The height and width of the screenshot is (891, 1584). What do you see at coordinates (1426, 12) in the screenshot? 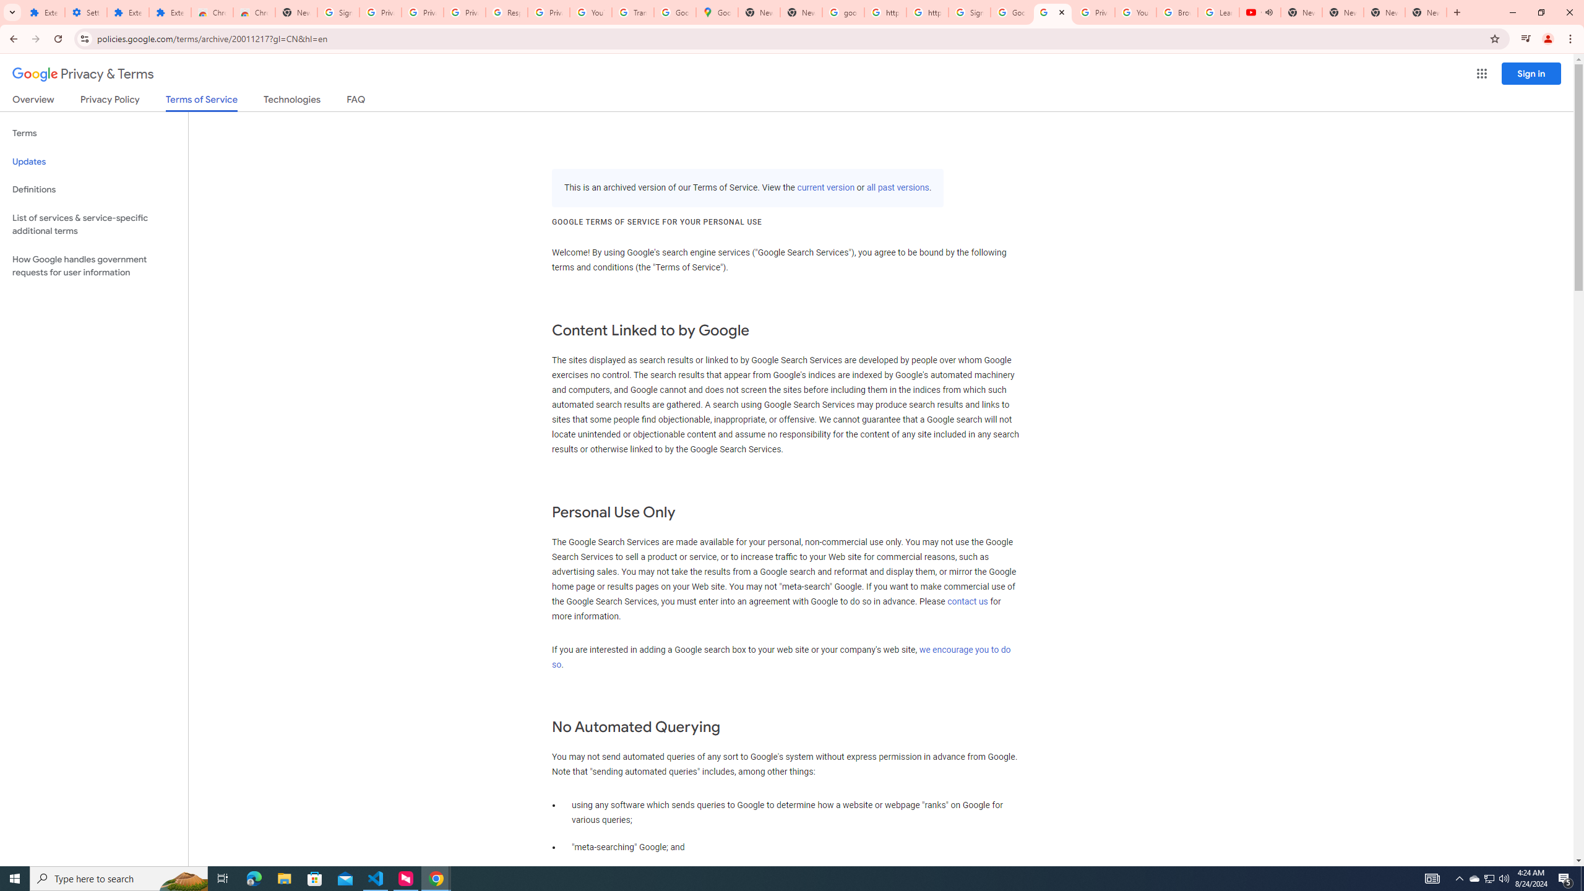
I see `'New Tab'` at bounding box center [1426, 12].